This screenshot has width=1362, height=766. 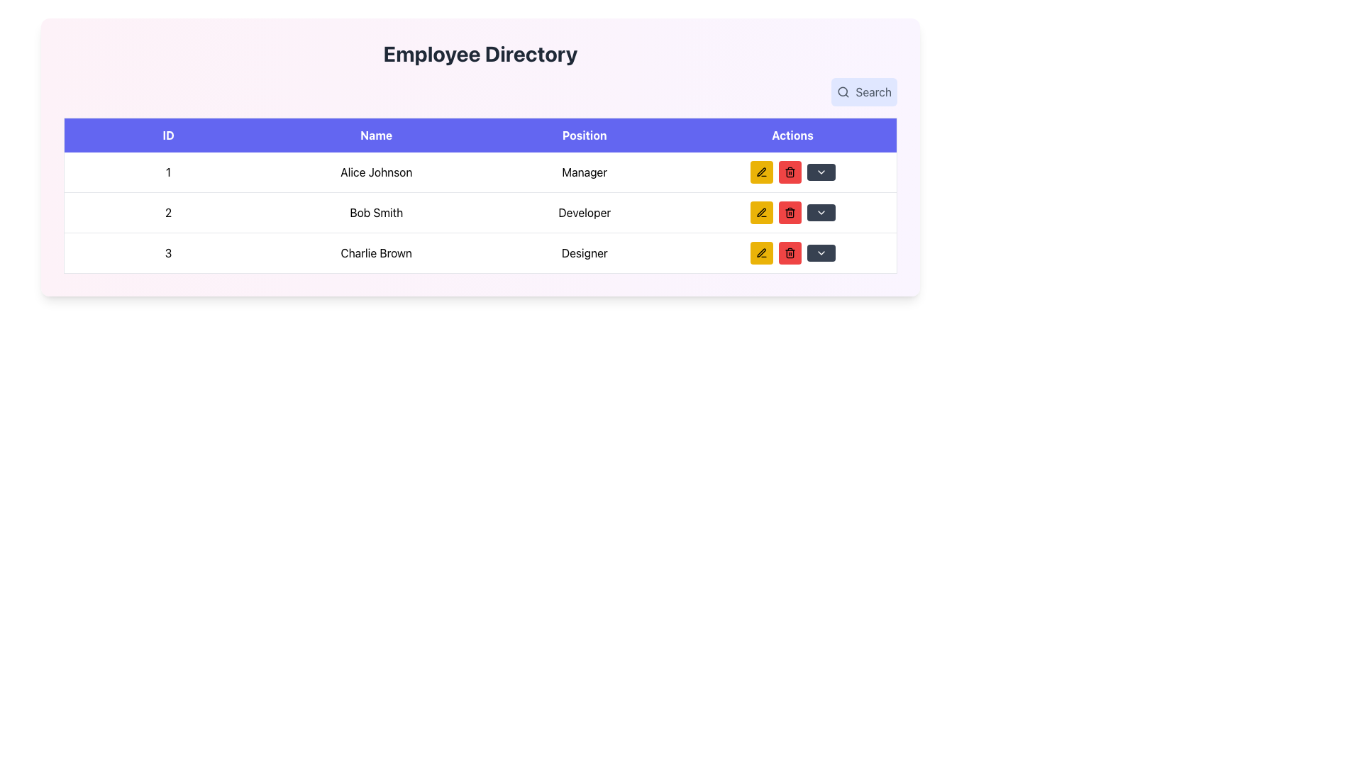 I want to click on the header label for the column containing action buttons, positioned as the fourth column in the table header, aligned to the rightmost edge, so click(x=792, y=135).